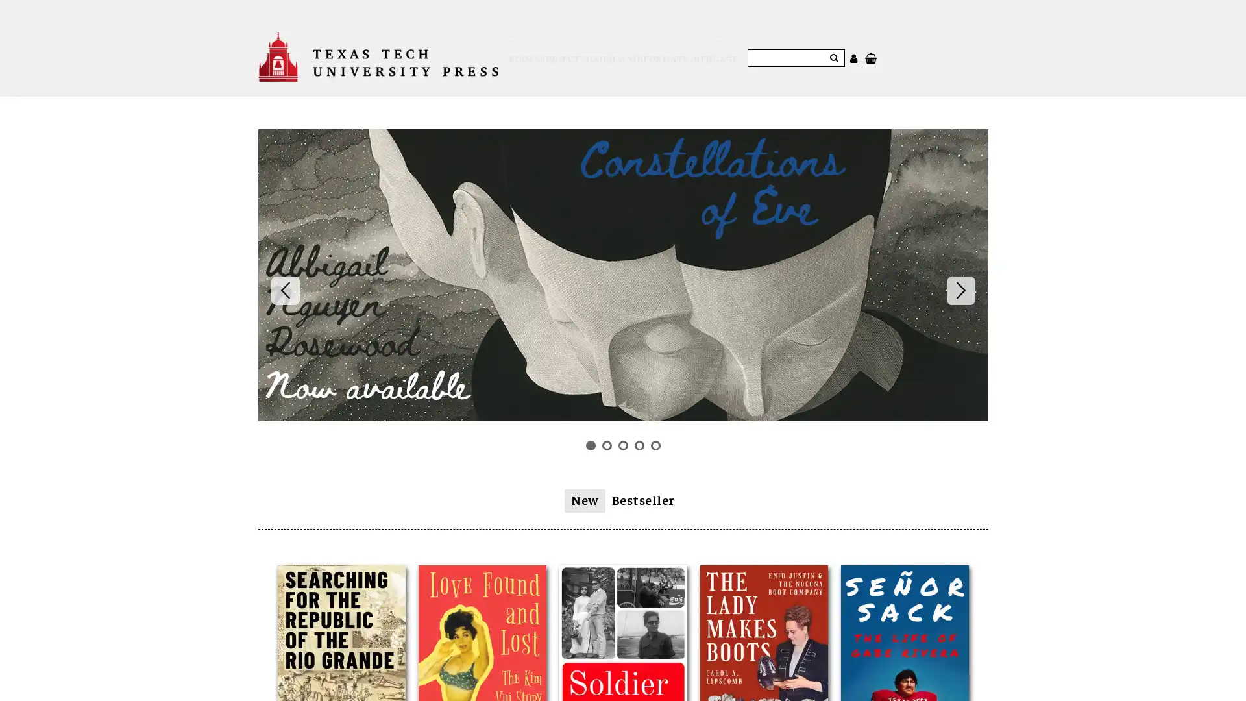  What do you see at coordinates (870, 49) in the screenshot?
I see `SEARCH` at bounding box center [870, 49].